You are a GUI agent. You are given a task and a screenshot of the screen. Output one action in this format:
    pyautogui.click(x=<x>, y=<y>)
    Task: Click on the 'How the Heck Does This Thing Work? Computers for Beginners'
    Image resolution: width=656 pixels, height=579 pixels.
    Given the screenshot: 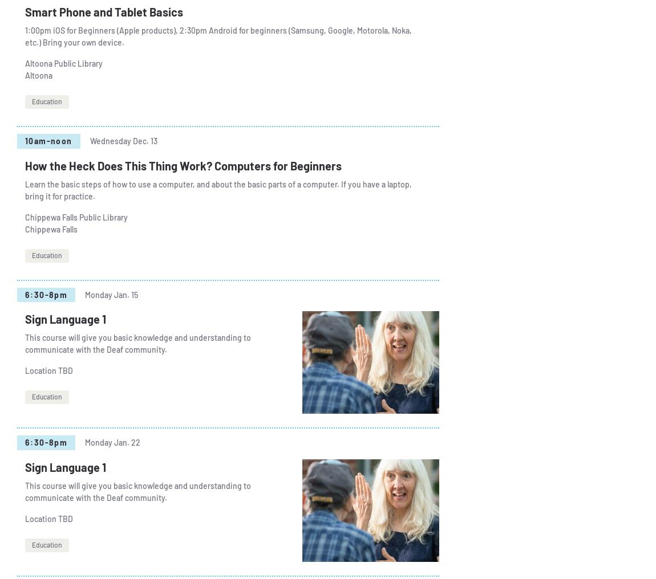 What is the action you would take?
    pyautogui.click(x=25, y=164)
    